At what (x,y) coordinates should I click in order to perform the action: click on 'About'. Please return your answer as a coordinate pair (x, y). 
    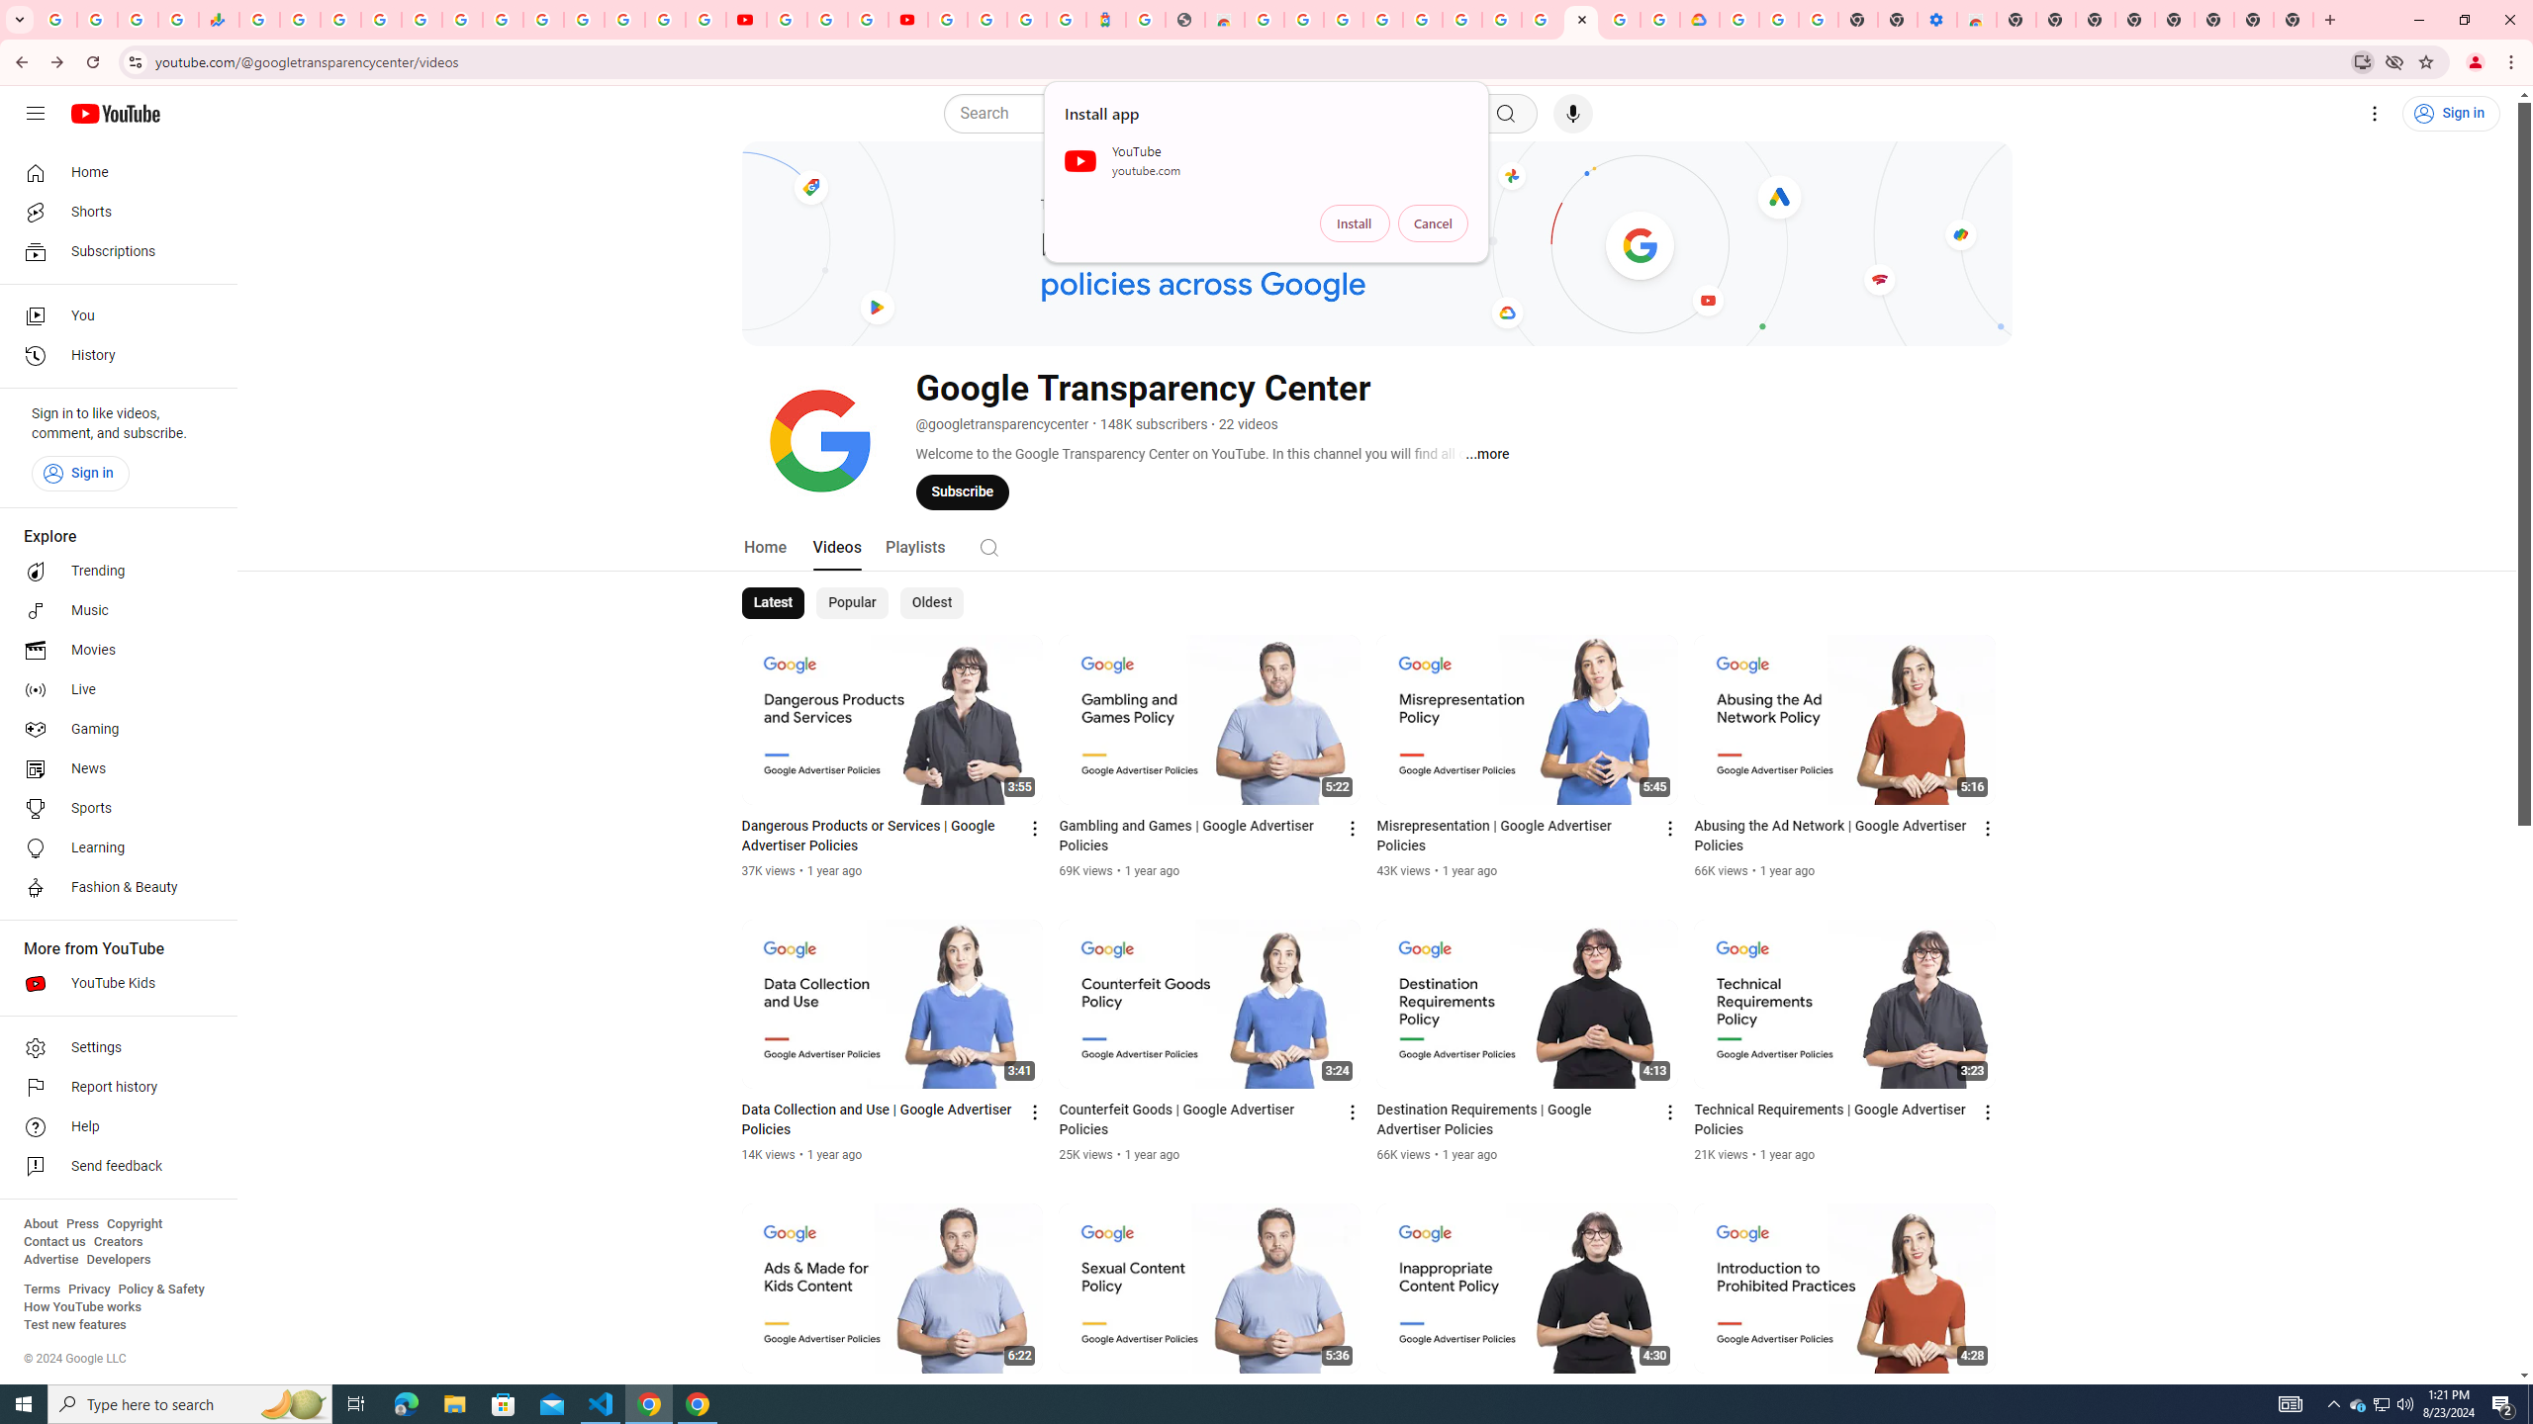
    Looking at the image, I should click on (40, 1223).